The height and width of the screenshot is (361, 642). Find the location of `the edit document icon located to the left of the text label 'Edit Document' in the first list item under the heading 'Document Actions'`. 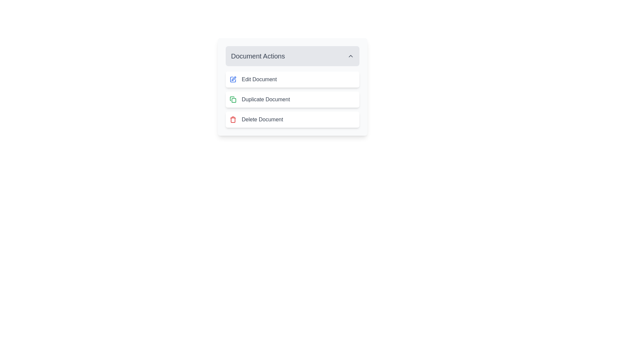

the edit document icon located to the left of the text label 'Edit Document' in the first list item under the heading 'Document Actions' is located at coordinates (233, 79).